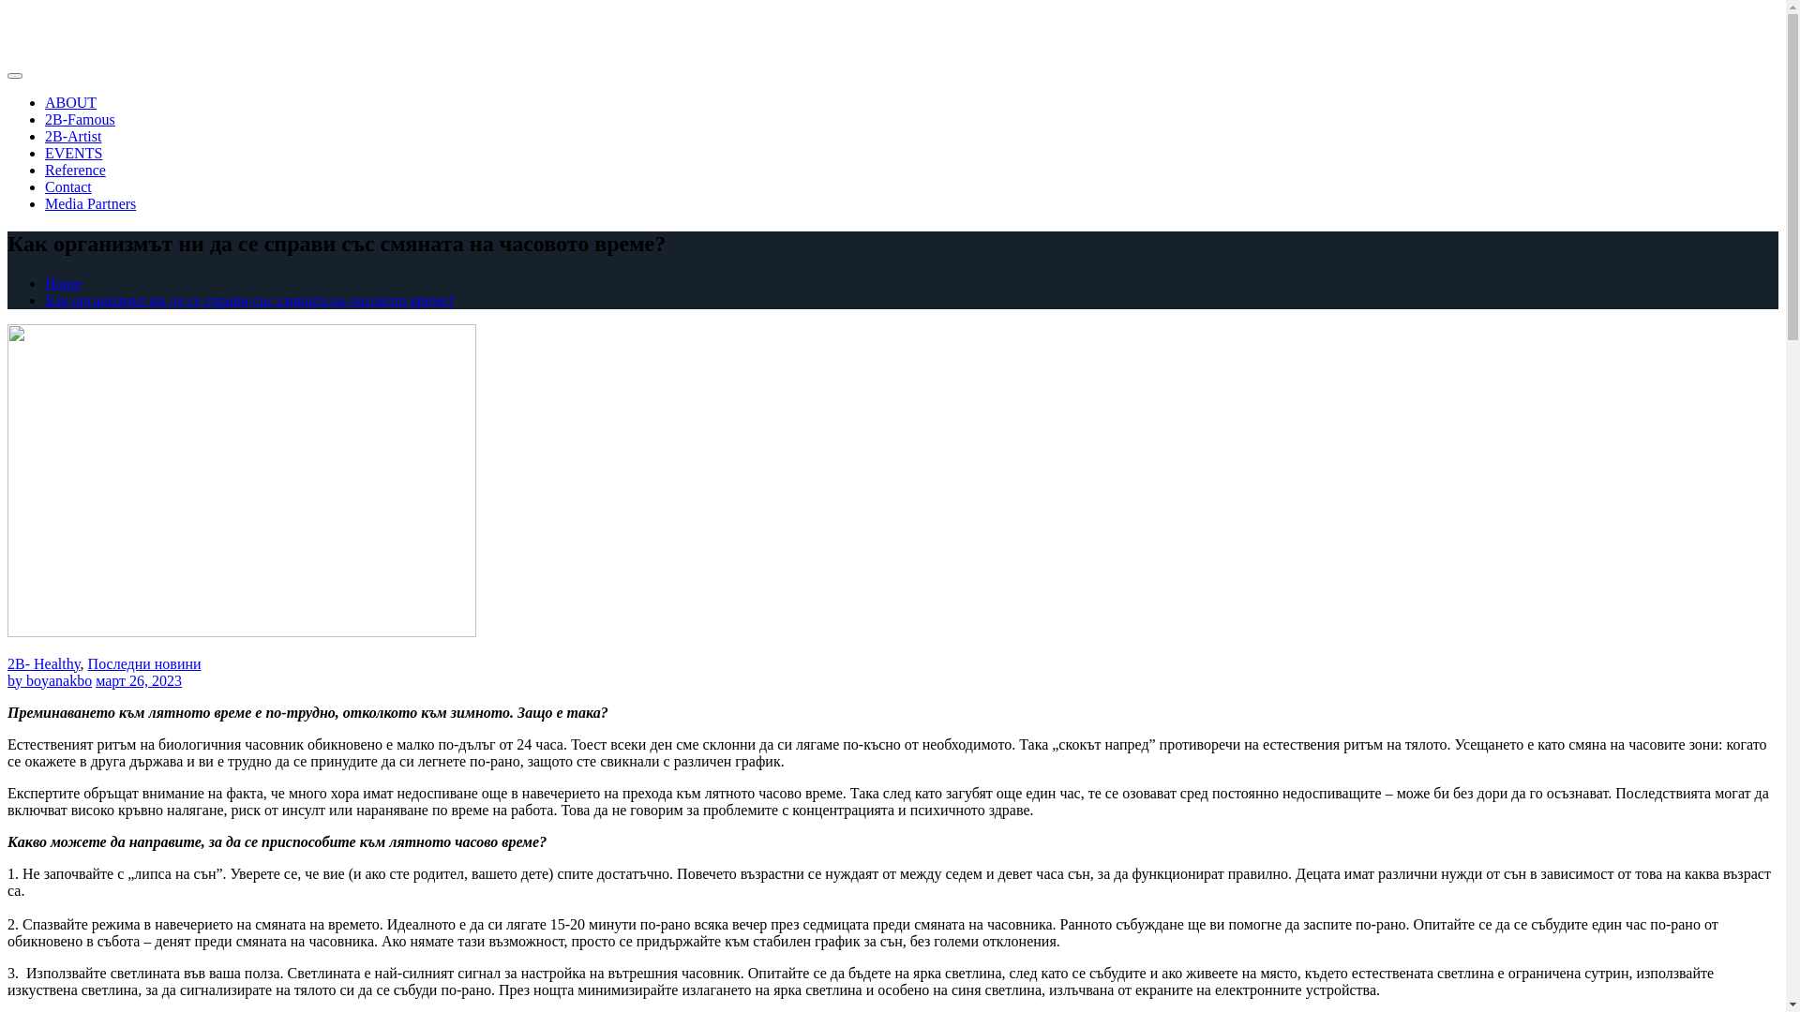 This screenshot has width=1800, height=1012. I want to click on 'EVENTS', so click(45, 152).